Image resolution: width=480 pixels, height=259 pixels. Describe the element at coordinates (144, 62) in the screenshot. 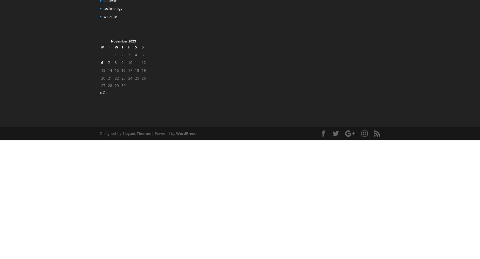

I see `'12'` at that location.